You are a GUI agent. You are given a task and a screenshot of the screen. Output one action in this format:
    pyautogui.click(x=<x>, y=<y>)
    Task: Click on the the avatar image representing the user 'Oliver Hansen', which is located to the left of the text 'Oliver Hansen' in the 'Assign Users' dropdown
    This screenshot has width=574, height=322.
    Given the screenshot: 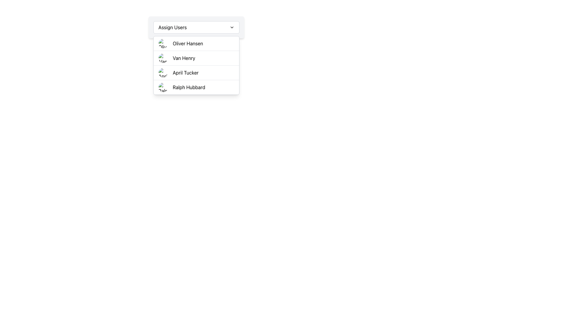 What is the action you would take?
    pyautogui.click(x=163, y=43)
    